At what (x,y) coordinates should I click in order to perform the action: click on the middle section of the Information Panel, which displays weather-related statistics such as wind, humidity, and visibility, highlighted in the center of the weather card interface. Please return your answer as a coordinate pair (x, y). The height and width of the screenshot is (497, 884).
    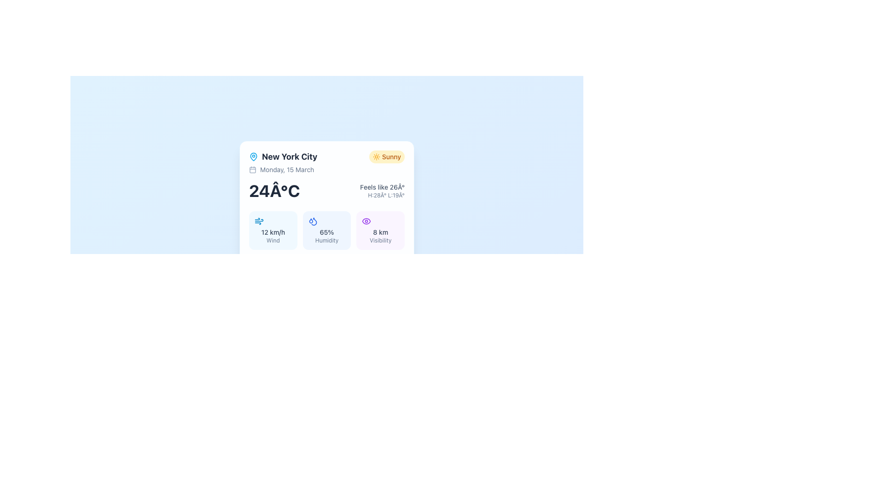
    Looking at the image, I should click on (327, 230).